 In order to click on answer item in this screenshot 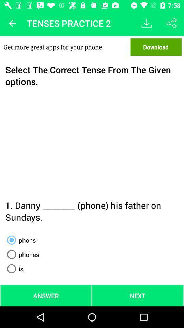, I will do `click(46, 295)`.